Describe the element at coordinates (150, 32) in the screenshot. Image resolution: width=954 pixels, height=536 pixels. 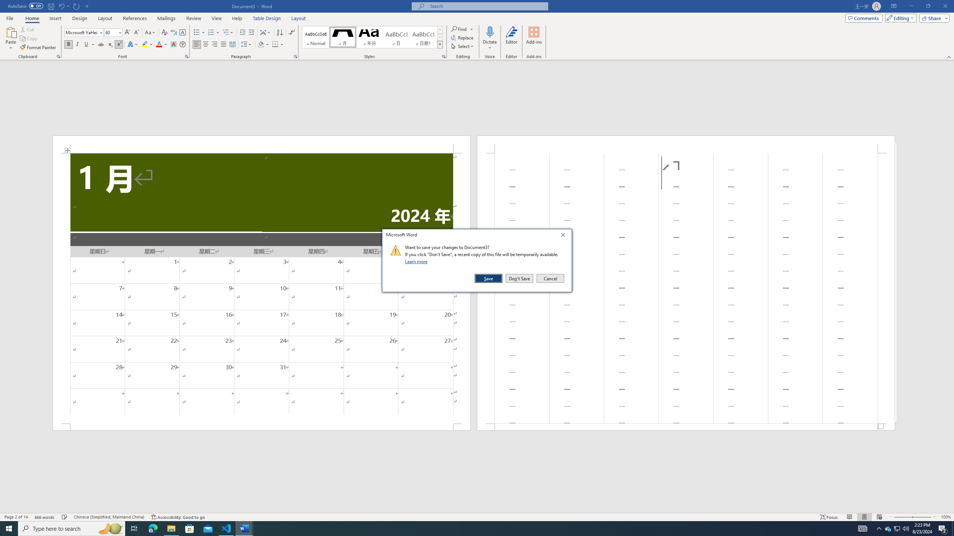
I see `'Change Case'` at that location.